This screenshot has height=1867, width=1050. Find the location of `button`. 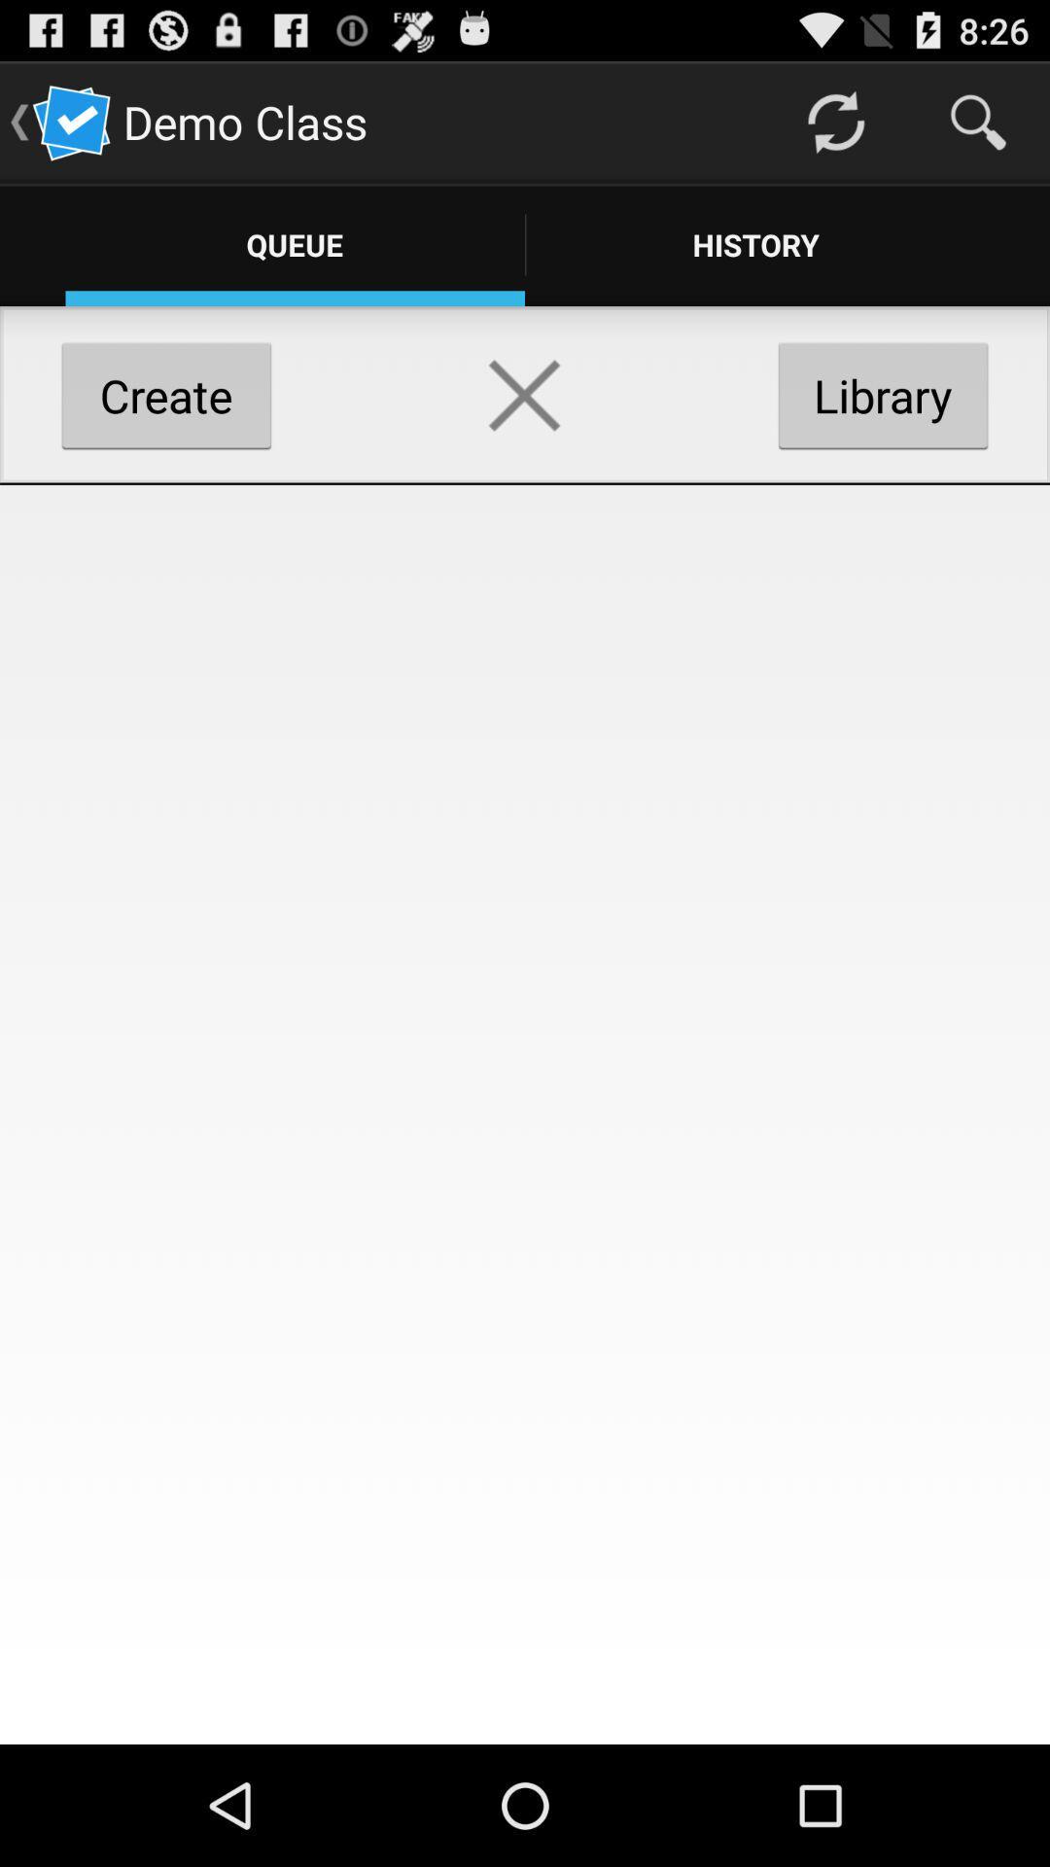

button is located at coordinates (523, 394).